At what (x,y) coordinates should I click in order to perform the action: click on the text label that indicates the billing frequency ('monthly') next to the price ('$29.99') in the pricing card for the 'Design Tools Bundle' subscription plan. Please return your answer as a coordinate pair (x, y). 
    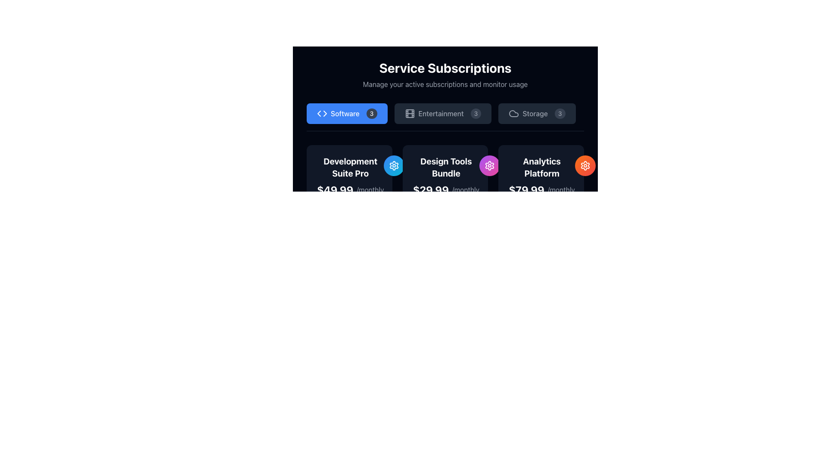
    Looking at the image, I should click on (465, 189).